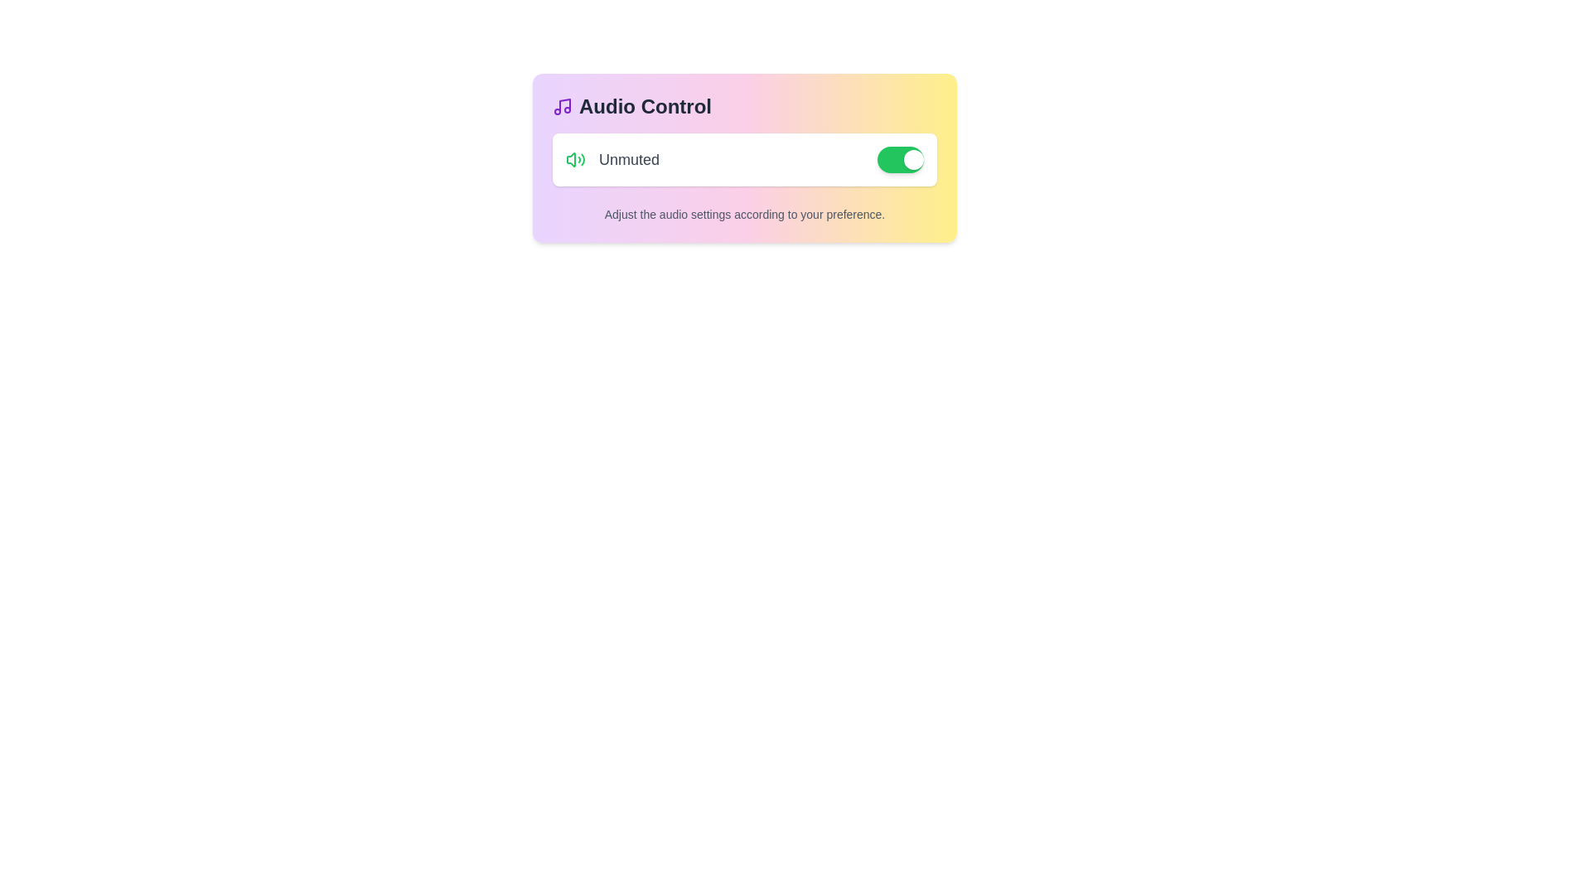  I want to click on the bright purple vertical line icon representing the musical note, located to the left of the 'Audio Control' text at the top left of the card, so click(564, 105).